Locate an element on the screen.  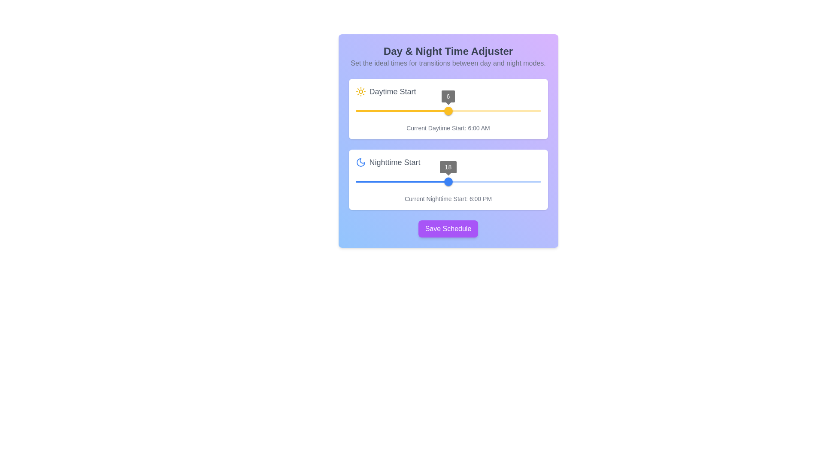
the daytime start is located at coordinates (533, 110).